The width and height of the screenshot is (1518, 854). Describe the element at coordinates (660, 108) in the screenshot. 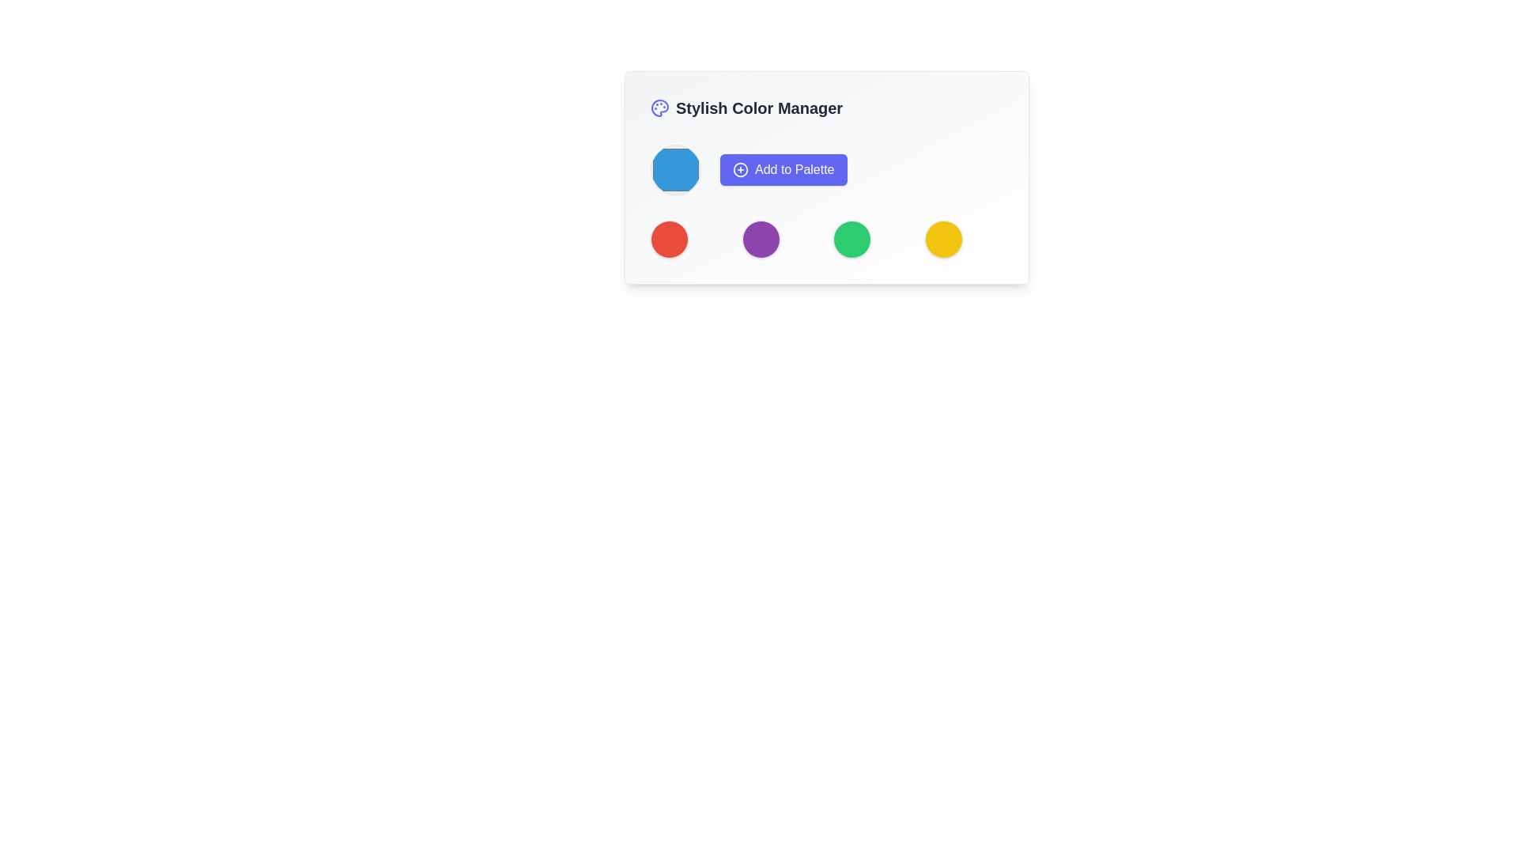

I see `the painter's palette icon located to the left of the 'Stylish Color Manager' text in the header section of the card` at that location.